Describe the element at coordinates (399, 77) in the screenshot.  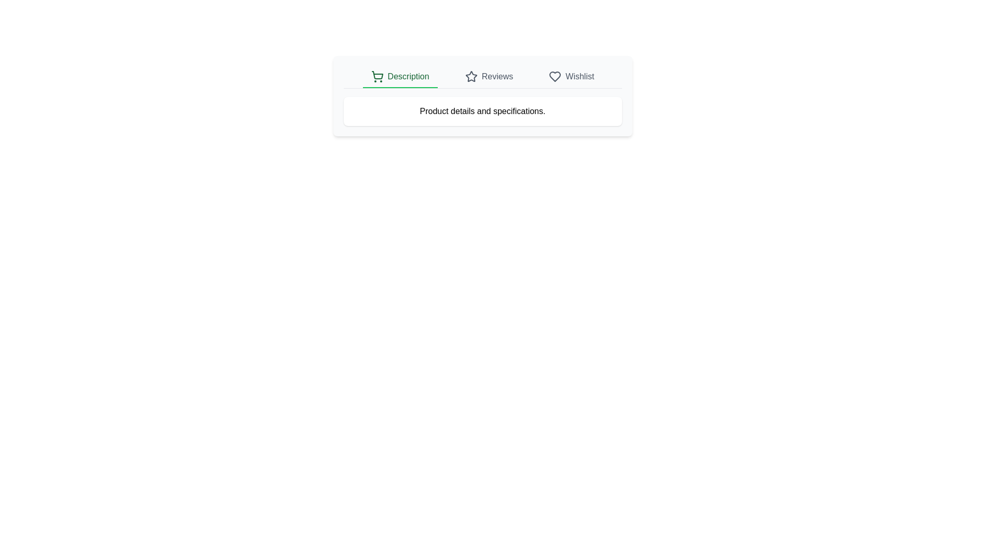
I see `the tab text Description to select it` at that location.